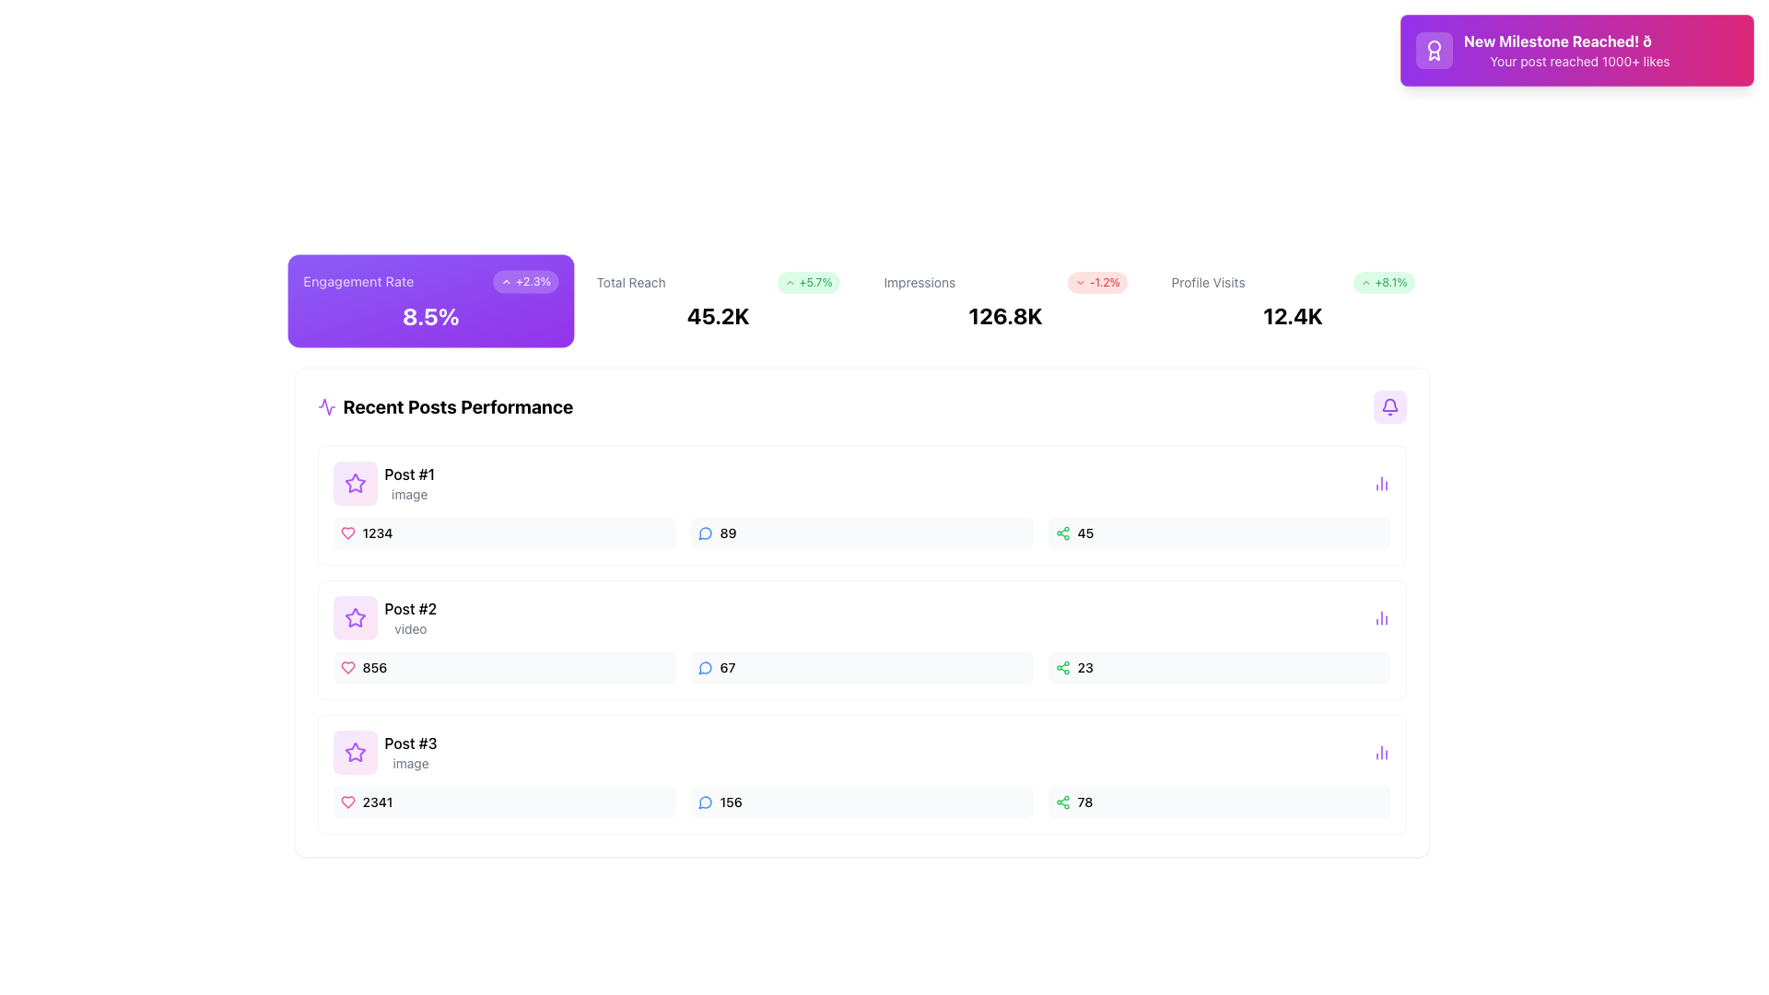  Describe the element at coordinates (1578, 49) in the screenshot. I see `the milestone notification banner displaying the message about achieving 1000+ likes by reading the textual information` at that location.